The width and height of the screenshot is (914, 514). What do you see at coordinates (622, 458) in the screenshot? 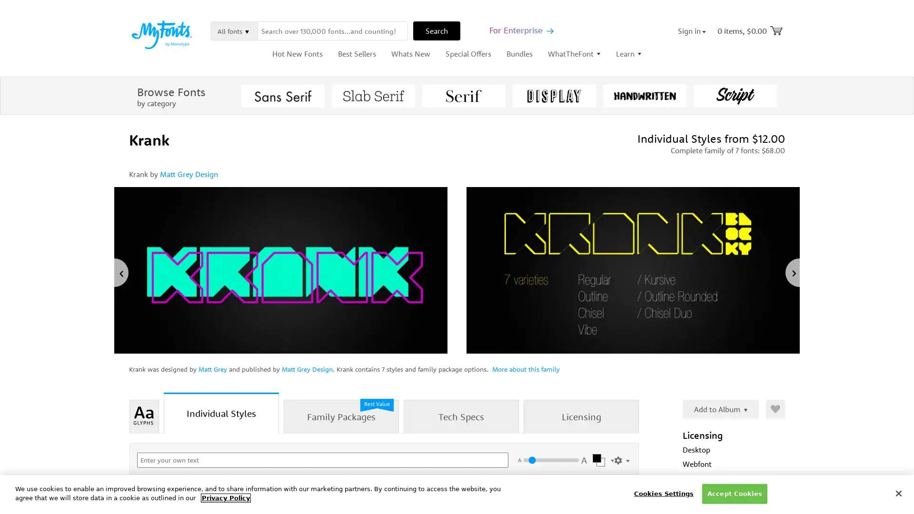
I see `Show Settings` at bounding box center [622, 458].